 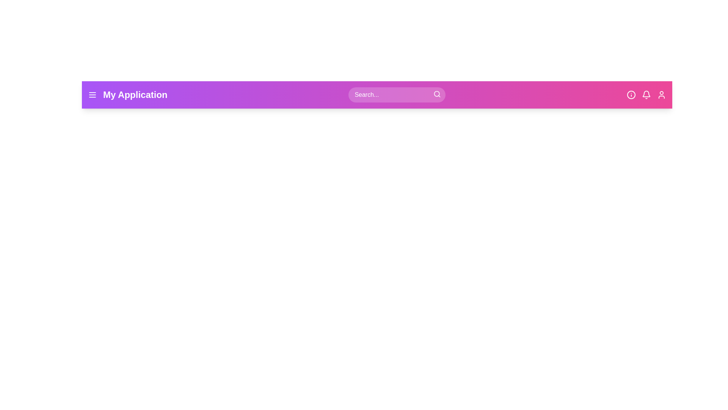 What do you see at coordinates (631, 95) in the screenshot?
I see `the information button in the app bar` at bounding box center [631, 95].